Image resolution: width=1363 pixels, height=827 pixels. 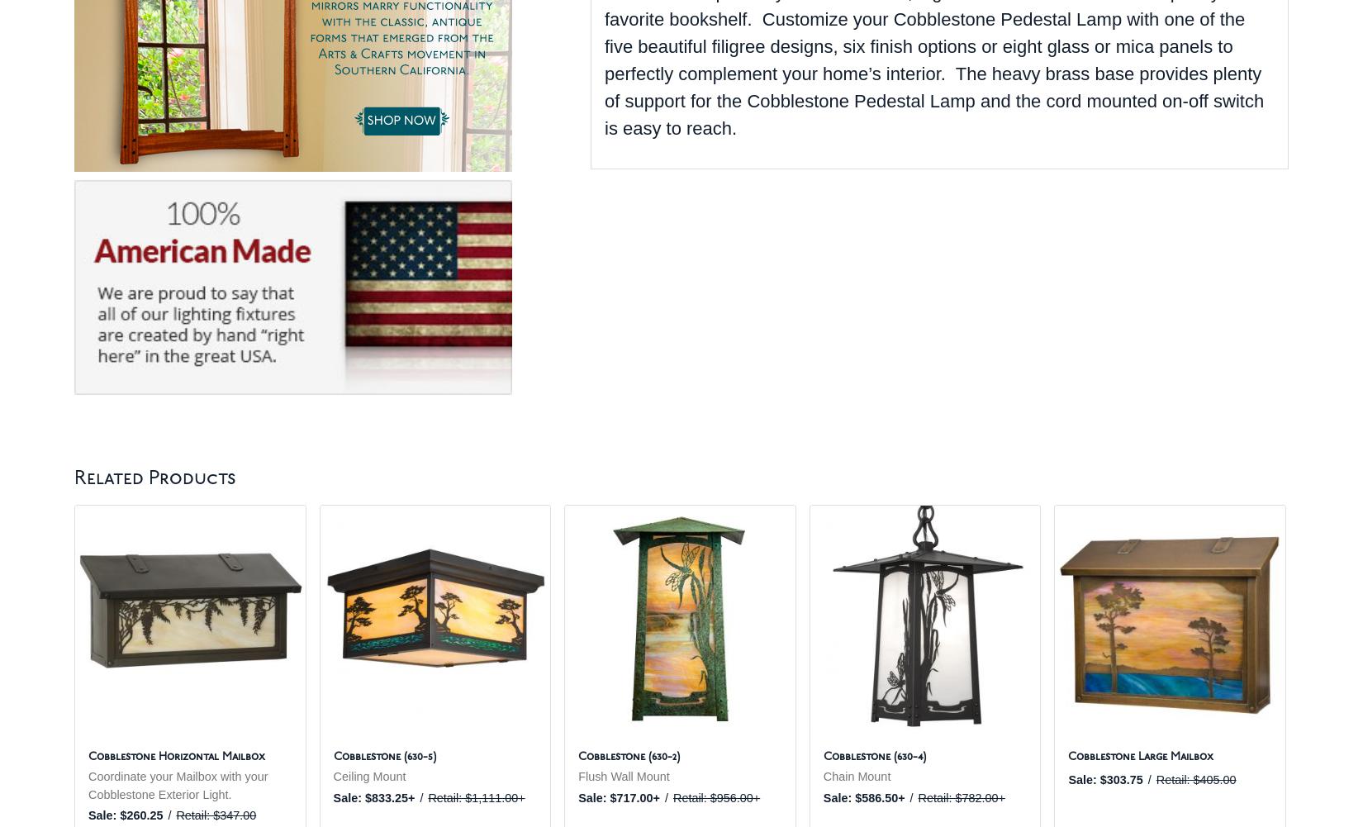 I want to click on 'Retail: $782.00+', so click(x=961, y=796).